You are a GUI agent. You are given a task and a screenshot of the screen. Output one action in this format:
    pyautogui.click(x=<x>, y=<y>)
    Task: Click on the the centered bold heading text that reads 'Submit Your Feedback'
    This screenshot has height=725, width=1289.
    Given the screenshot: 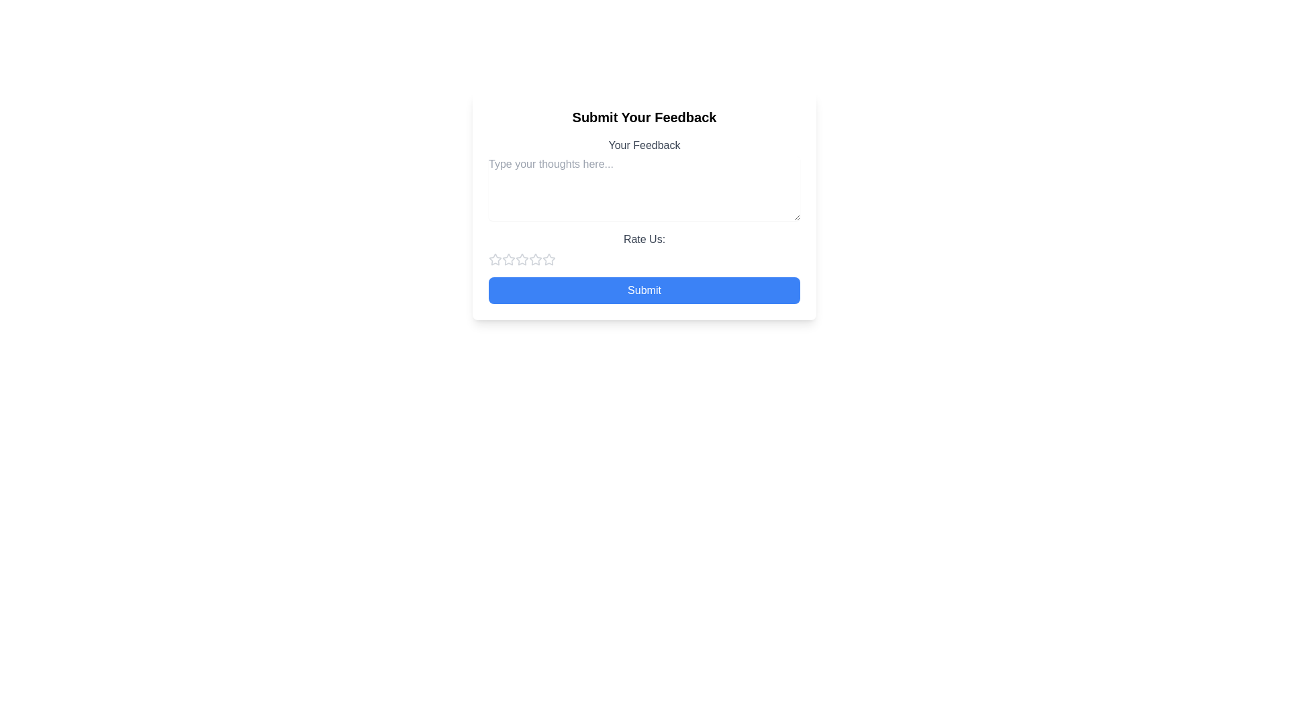 What is the action you would take?
    pyautogui.click(x=644, y=116)
    